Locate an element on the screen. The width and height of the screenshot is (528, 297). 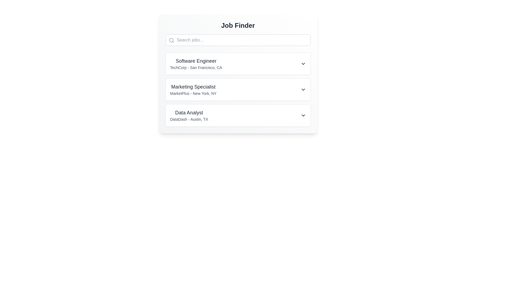
the search input field for job listings by using the Tab key is located at coordinates (238, 40).